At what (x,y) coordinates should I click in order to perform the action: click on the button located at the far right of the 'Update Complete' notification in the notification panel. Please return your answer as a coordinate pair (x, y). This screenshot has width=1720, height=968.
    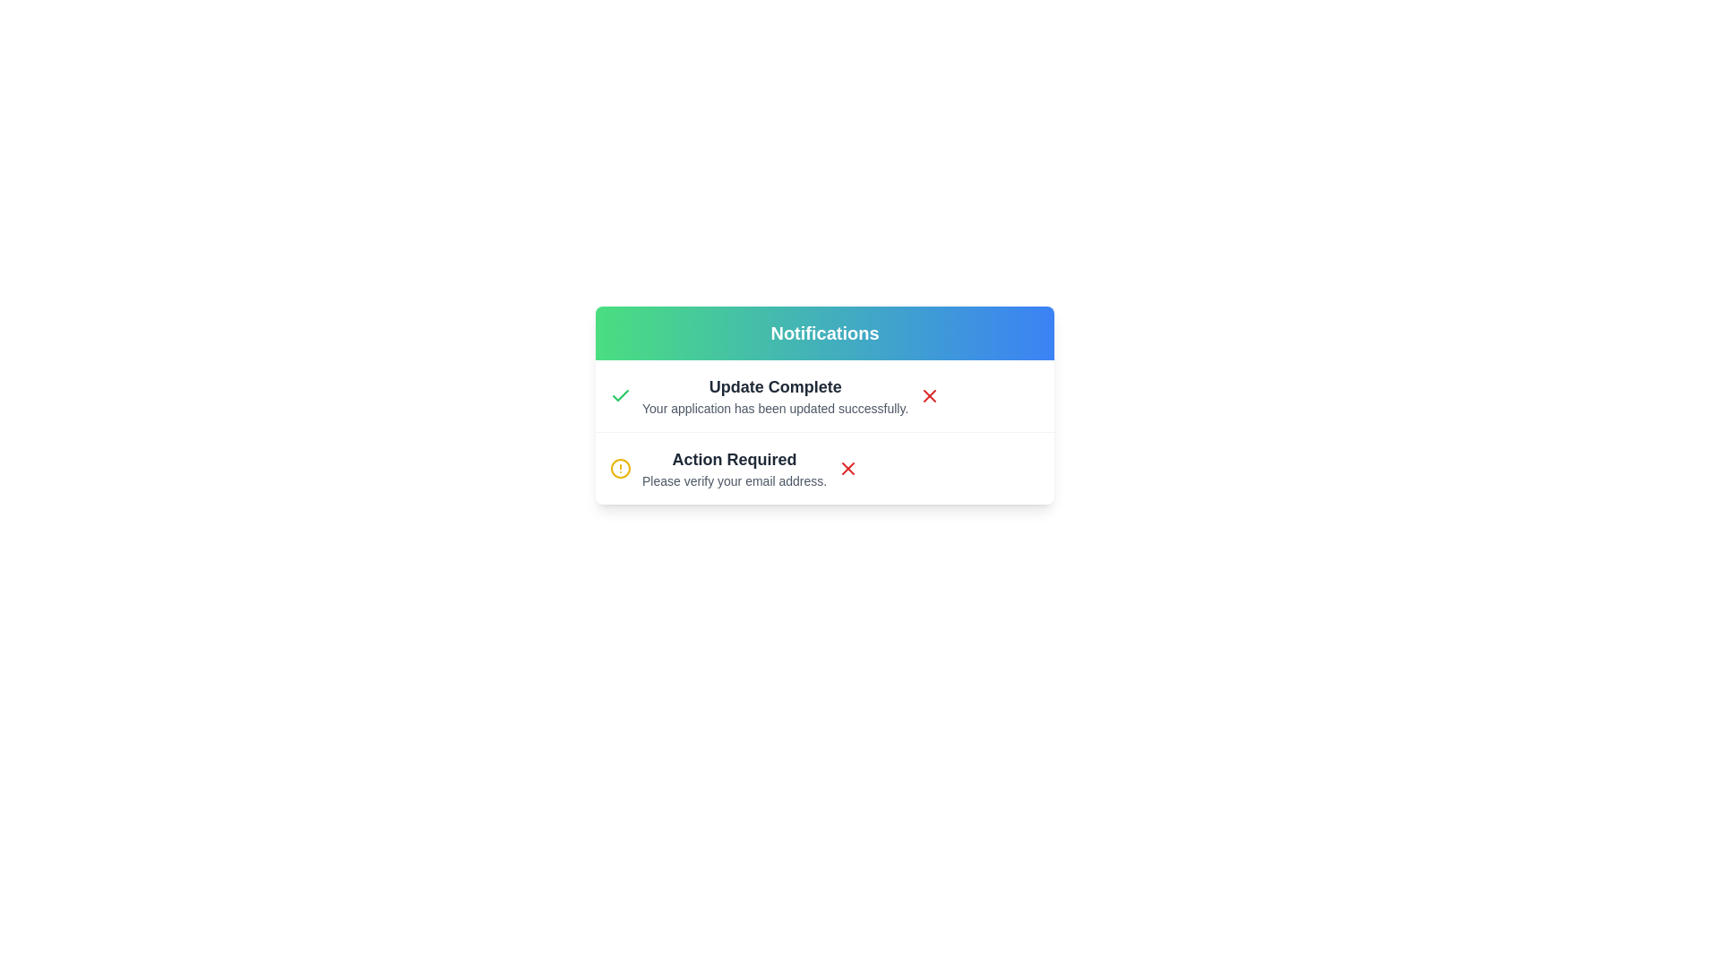
    Looking at the image, I should click on (930, 395).